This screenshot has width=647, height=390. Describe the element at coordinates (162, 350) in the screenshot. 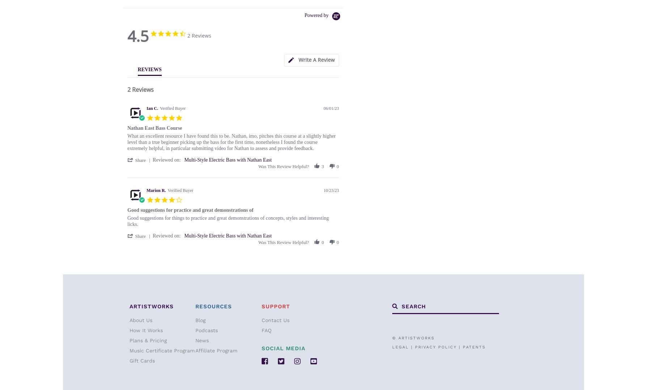

I see `'Music Certificate Program'` at that location.